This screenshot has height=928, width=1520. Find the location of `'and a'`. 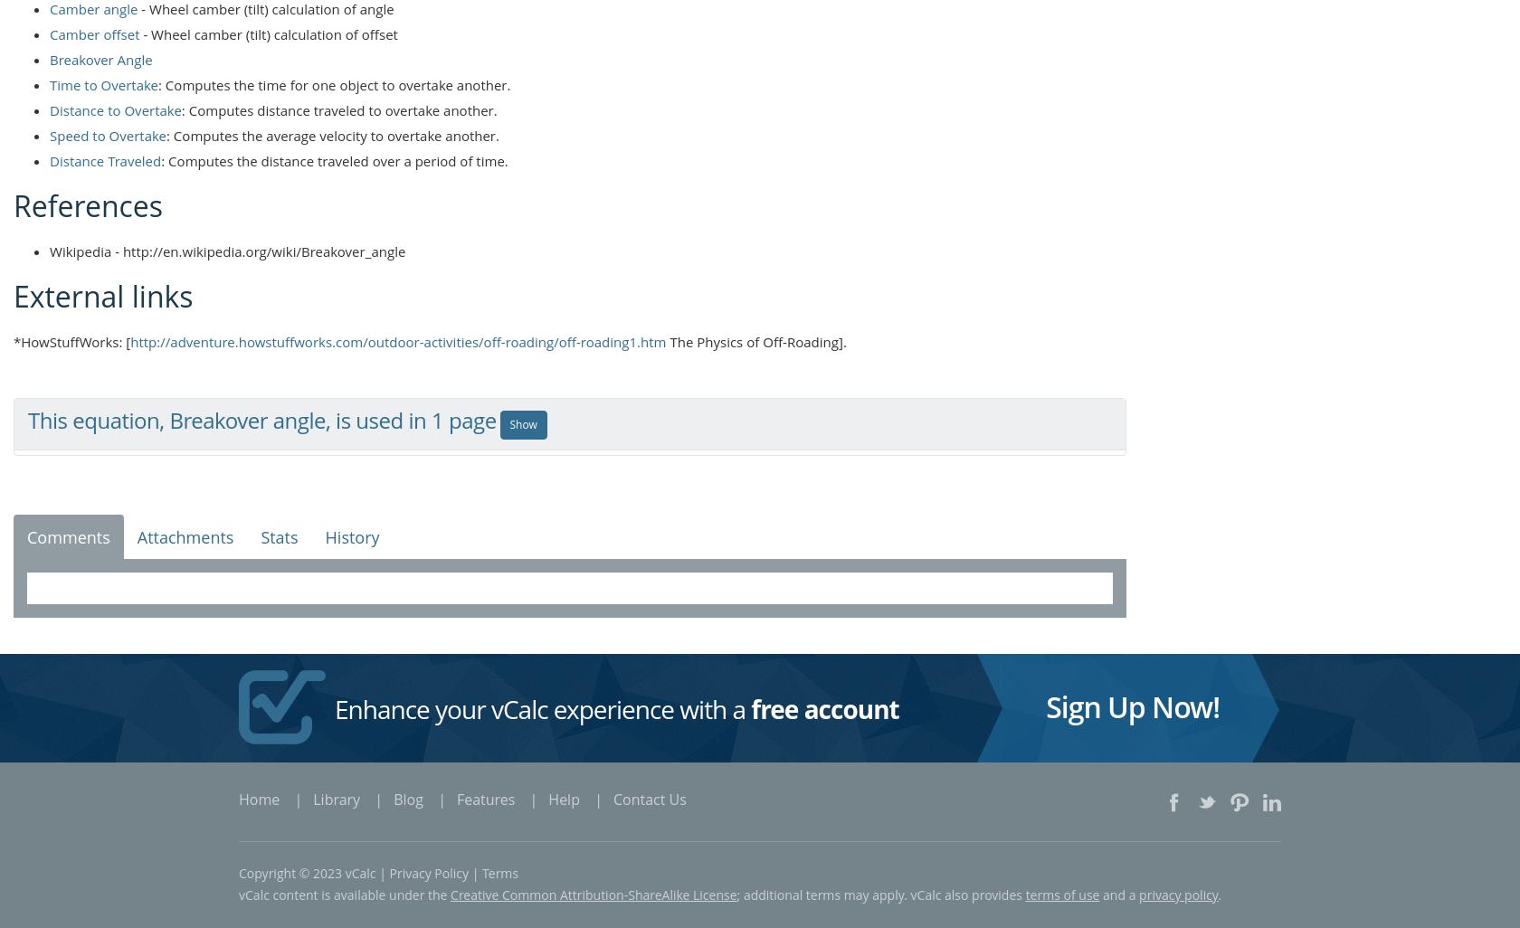

'and a' is located at coordinates (1118, 893).